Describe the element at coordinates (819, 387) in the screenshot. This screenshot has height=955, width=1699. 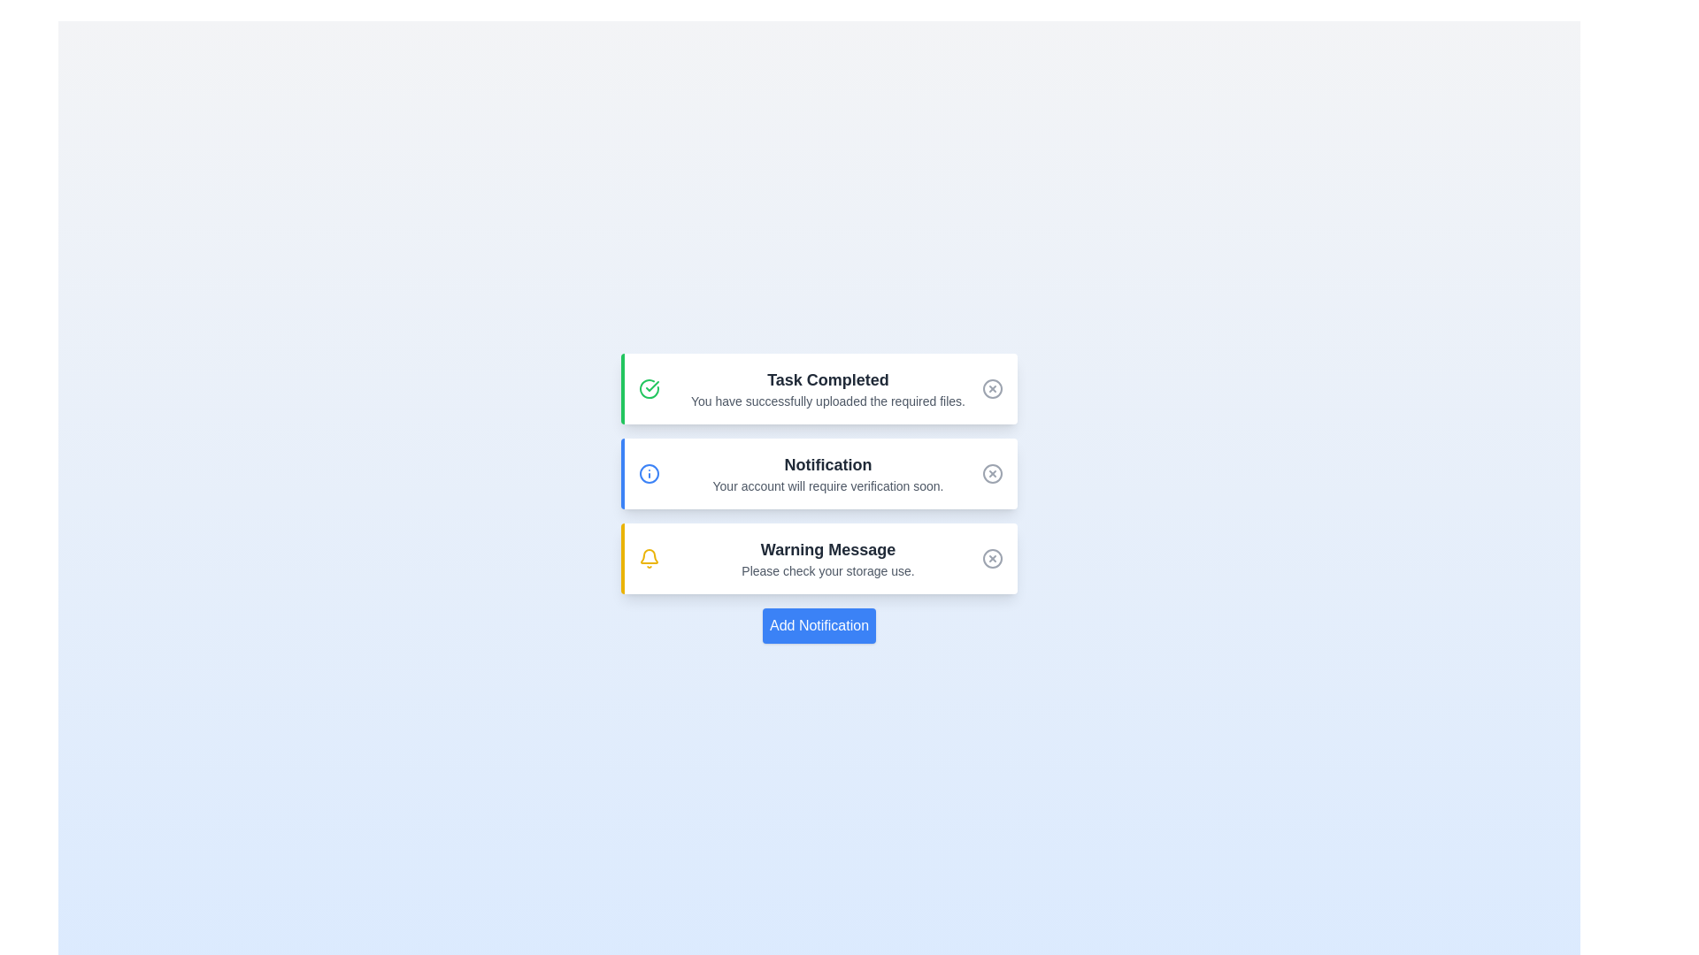
I see `the notification to read its title and details` at that location.